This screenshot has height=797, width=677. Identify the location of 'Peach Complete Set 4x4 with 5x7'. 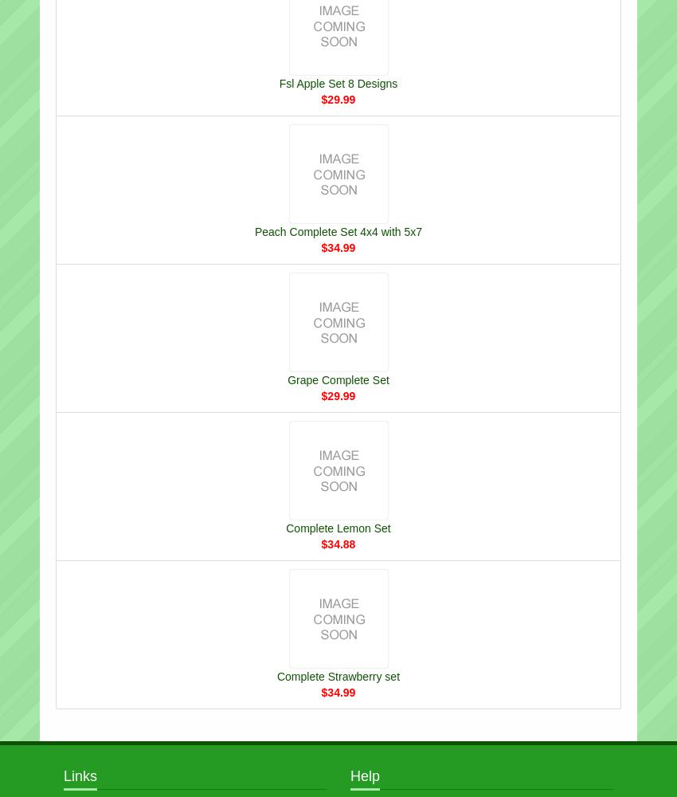
(338, 231).